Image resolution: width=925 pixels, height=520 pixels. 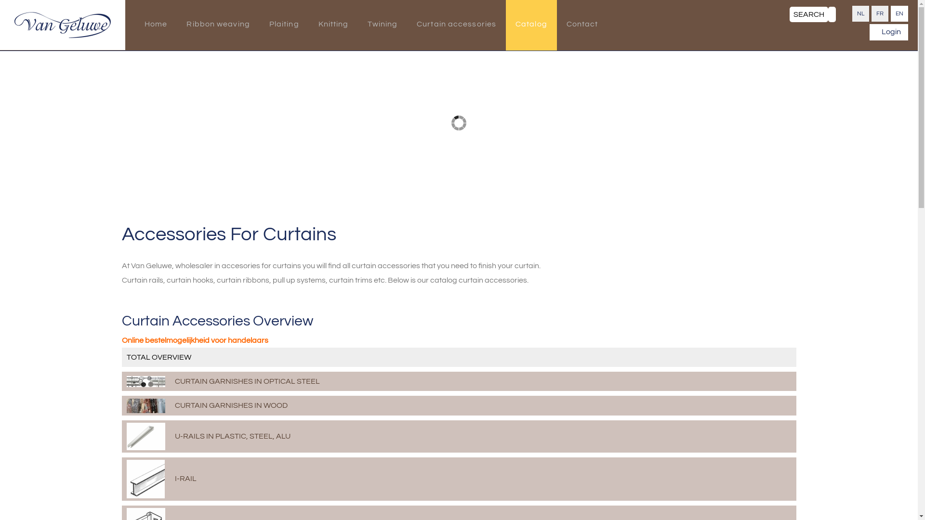 What do you see at coordinates (217, 25) in the screenshot?
I see `'Ribbon weaving'` at bounding box center [217, 25].